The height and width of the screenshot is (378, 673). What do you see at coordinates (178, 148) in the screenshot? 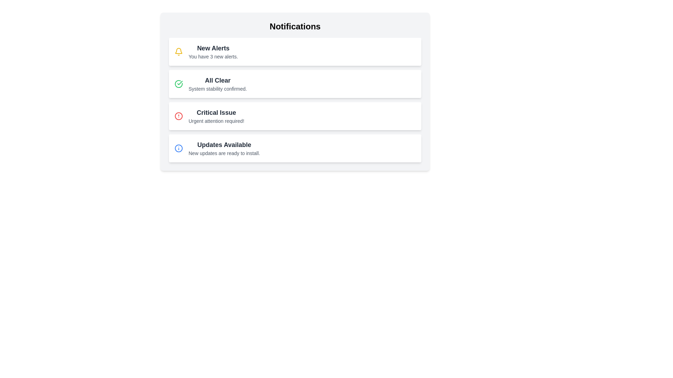
I see `the circular SVG element located within the 'Updates Available' notification card, positioned to the left of the text` at bounding box center [178, 148].